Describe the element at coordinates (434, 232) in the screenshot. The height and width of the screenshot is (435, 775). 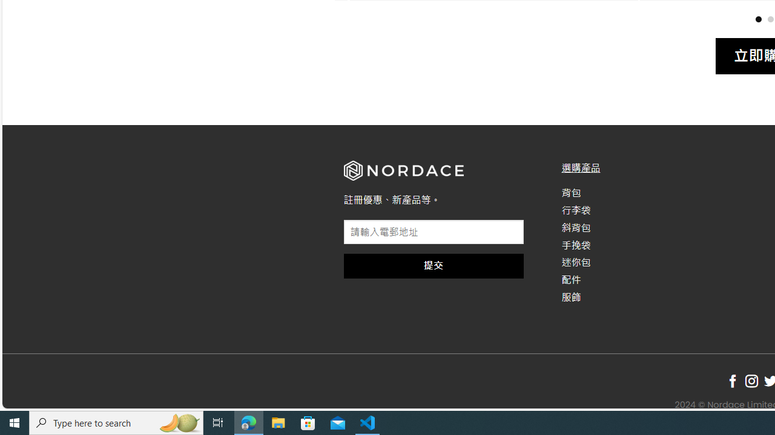
I see `'AutomationID: input_4_1'` at that location.